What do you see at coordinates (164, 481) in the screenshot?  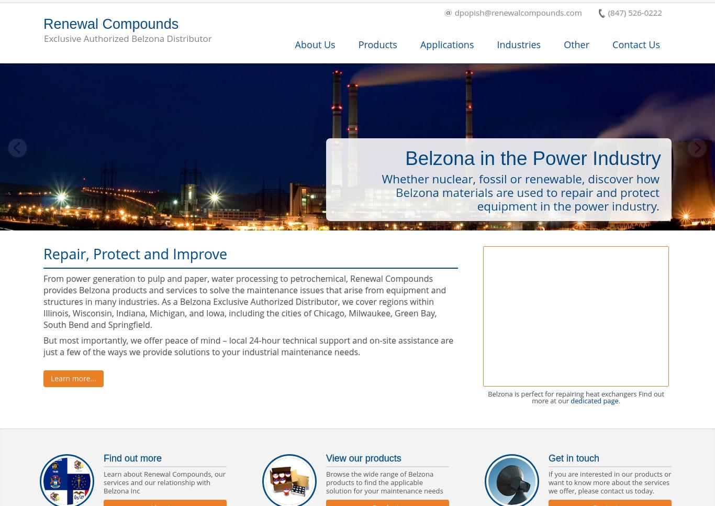 I see `'Learn about Renewal Compounds, our services and our relationship with Belzona Inc'` at bounding box center [164, 481].